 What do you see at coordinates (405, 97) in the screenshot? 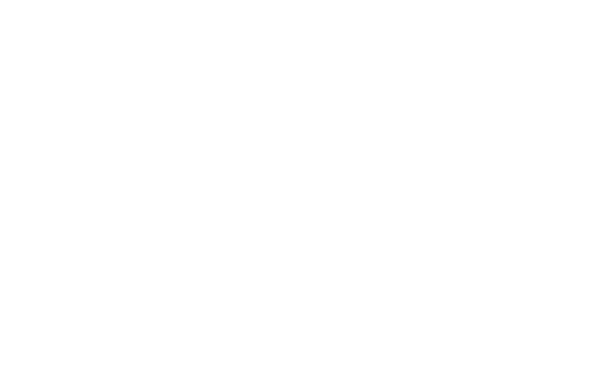
I see `'Length'` at bounding box center [405, 97].